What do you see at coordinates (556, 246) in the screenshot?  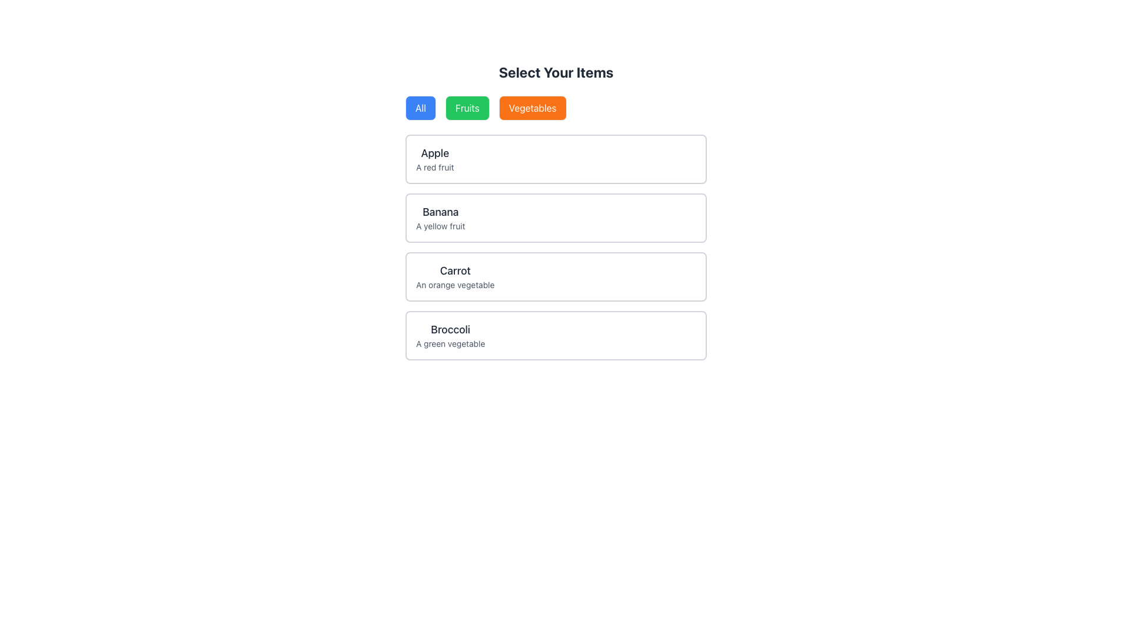 I see `the highlighted third sub-item within the Grid of Blocks, which is visually separated and contains a title in bold and a smaller description in gray` at bounding box center [556, 246].